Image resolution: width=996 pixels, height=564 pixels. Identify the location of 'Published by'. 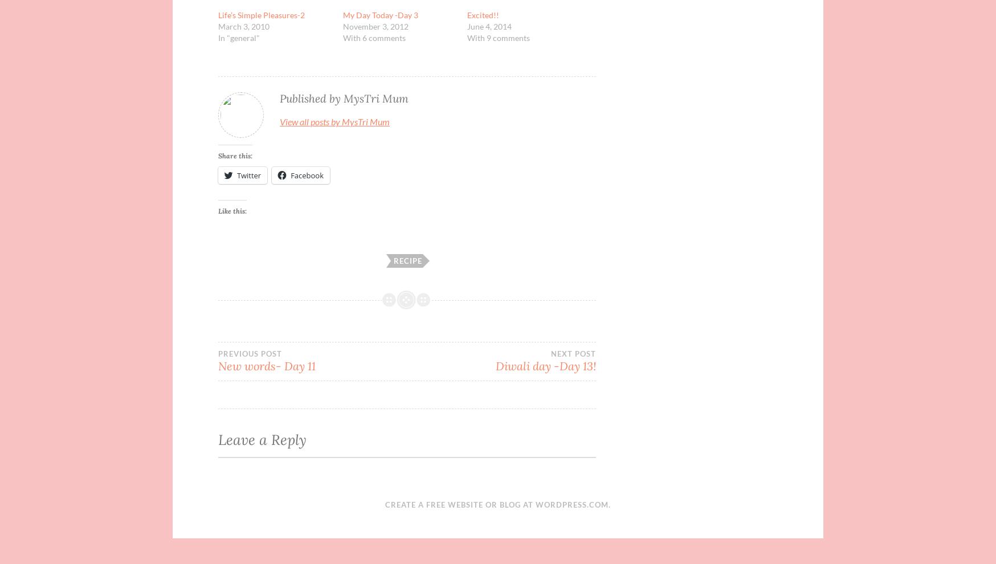
(311, 98).